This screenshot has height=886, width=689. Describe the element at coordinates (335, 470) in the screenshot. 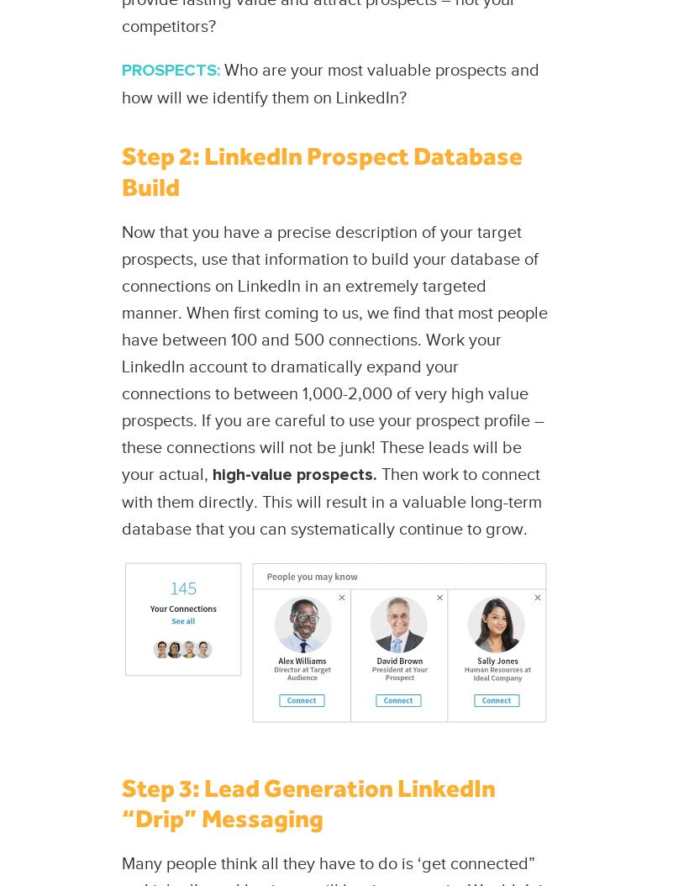

I see `'Privacy Policy'` at that location.